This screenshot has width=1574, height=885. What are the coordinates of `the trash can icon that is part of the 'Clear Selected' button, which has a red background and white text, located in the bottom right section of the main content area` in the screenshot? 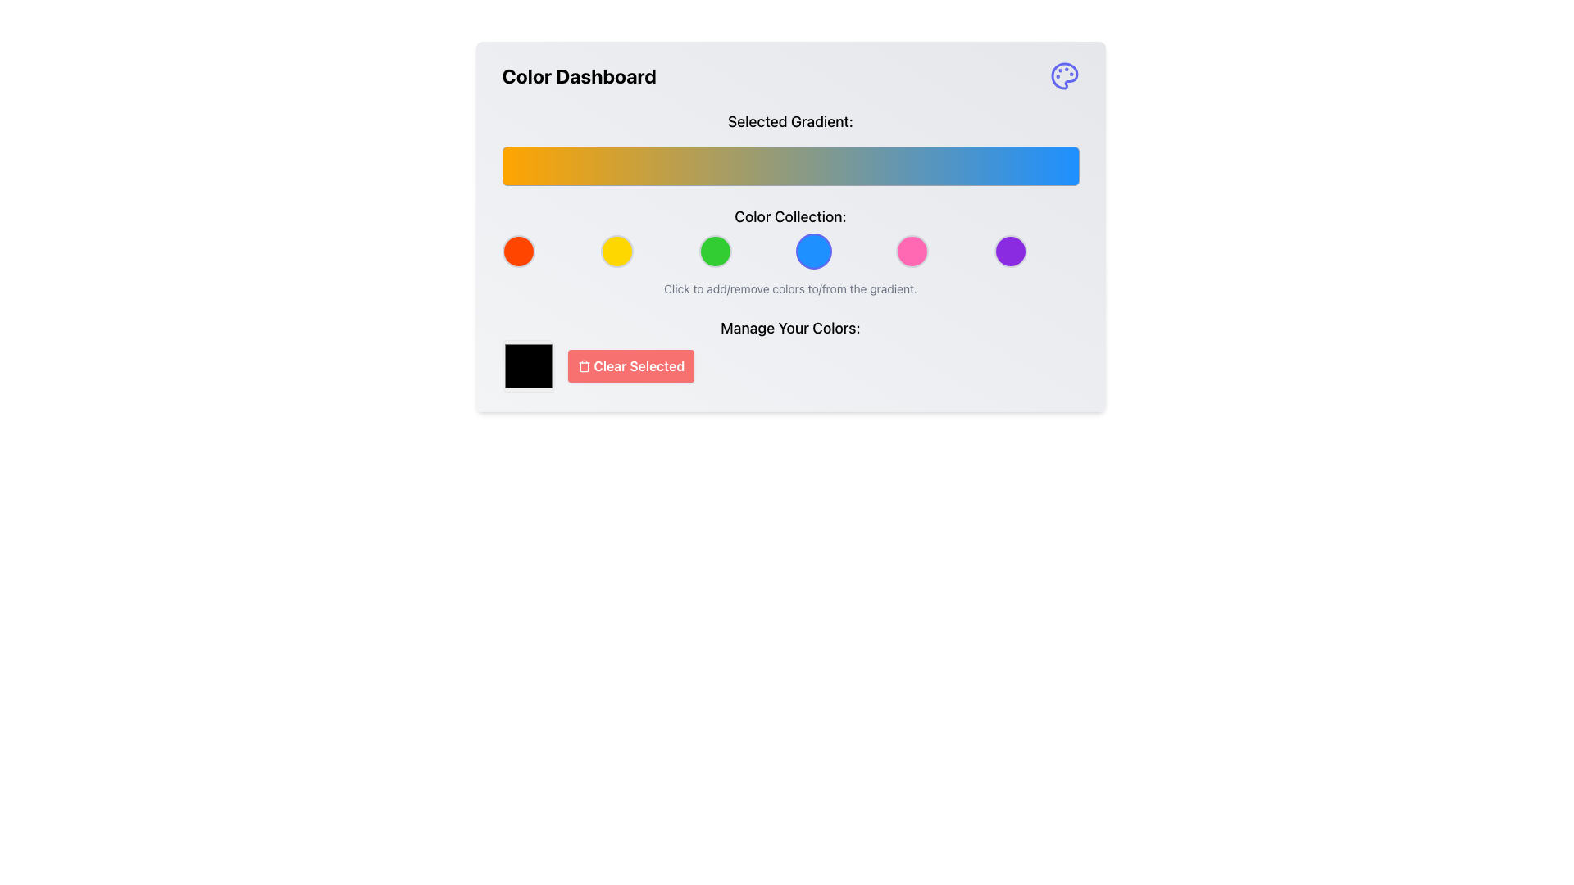 It's located at (584, 365).